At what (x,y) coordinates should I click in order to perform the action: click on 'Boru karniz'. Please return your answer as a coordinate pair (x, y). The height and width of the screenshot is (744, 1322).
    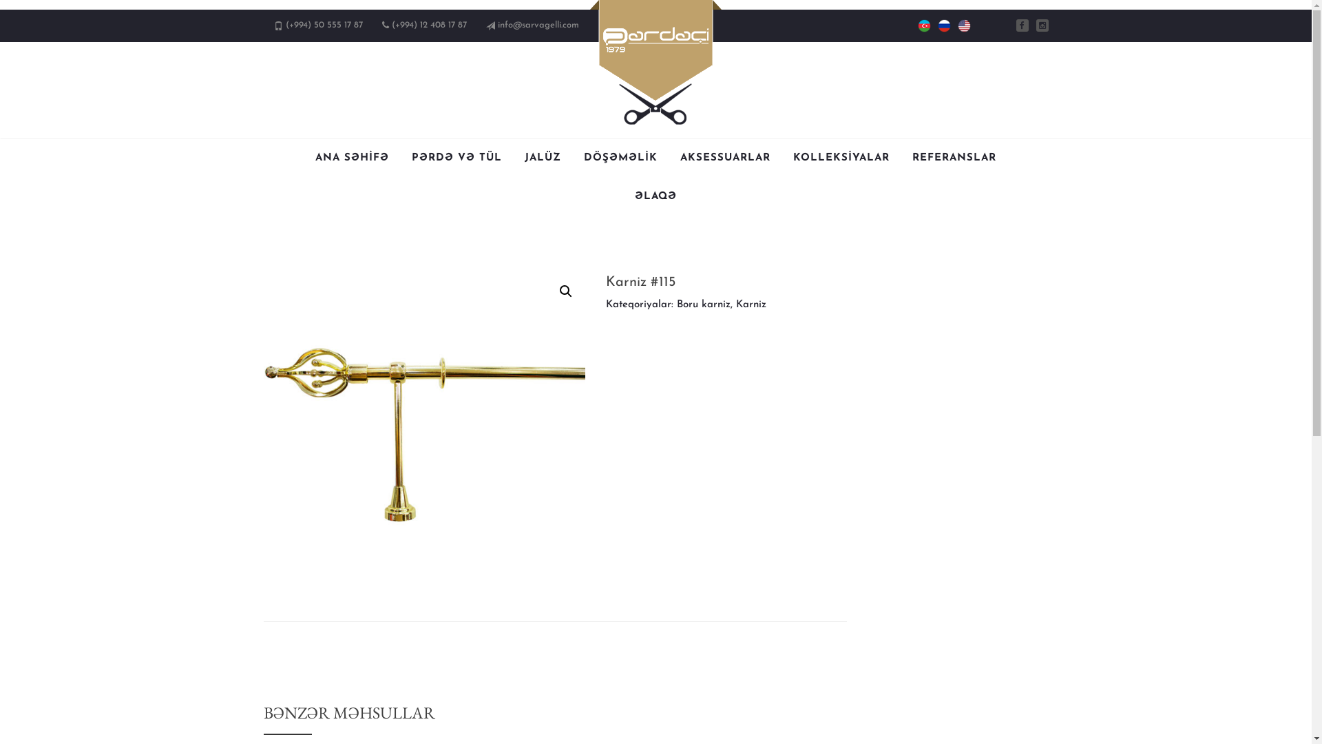
    Looking at the image, I should click on (704, 304).